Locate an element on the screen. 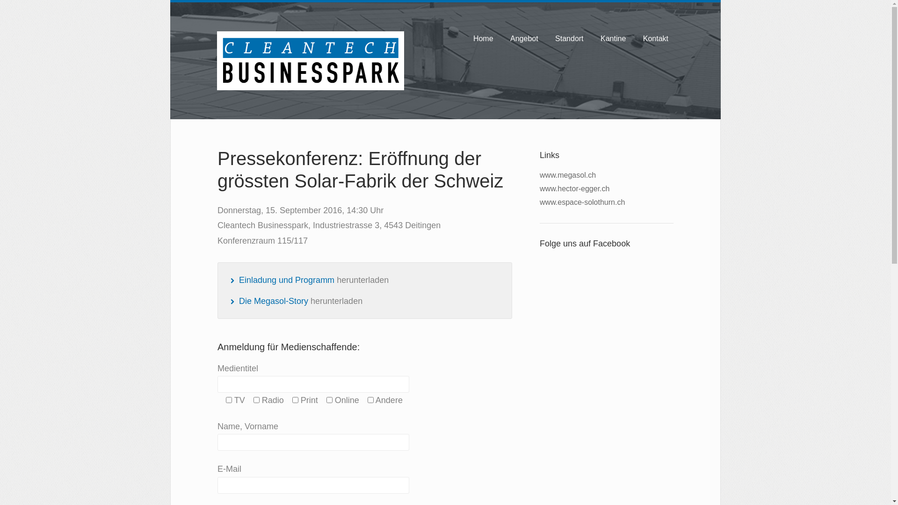  'Angebot' is located at coordinates (524, 38).